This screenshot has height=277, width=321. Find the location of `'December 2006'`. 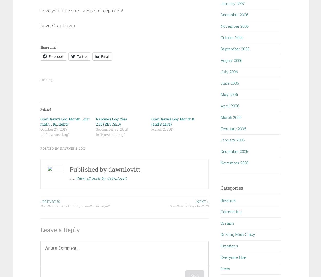

'December 2006' is located at coordinates (234, 14).